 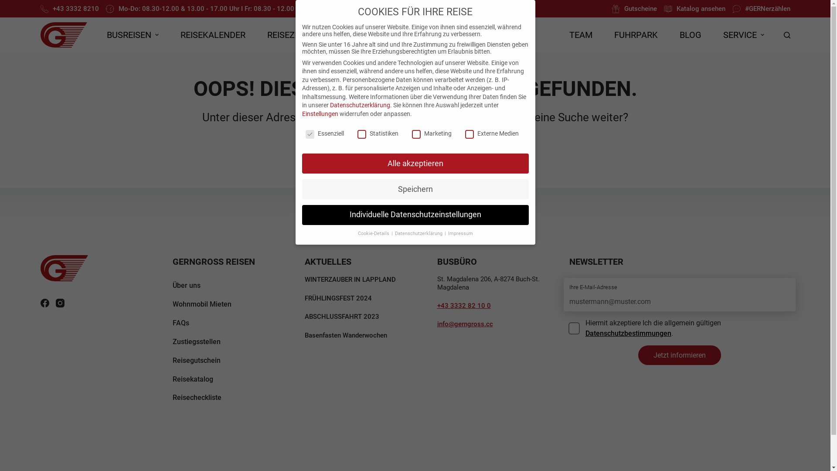 I want to click on 'Datenschutzbestimmungen', so click(x=628, y=333).